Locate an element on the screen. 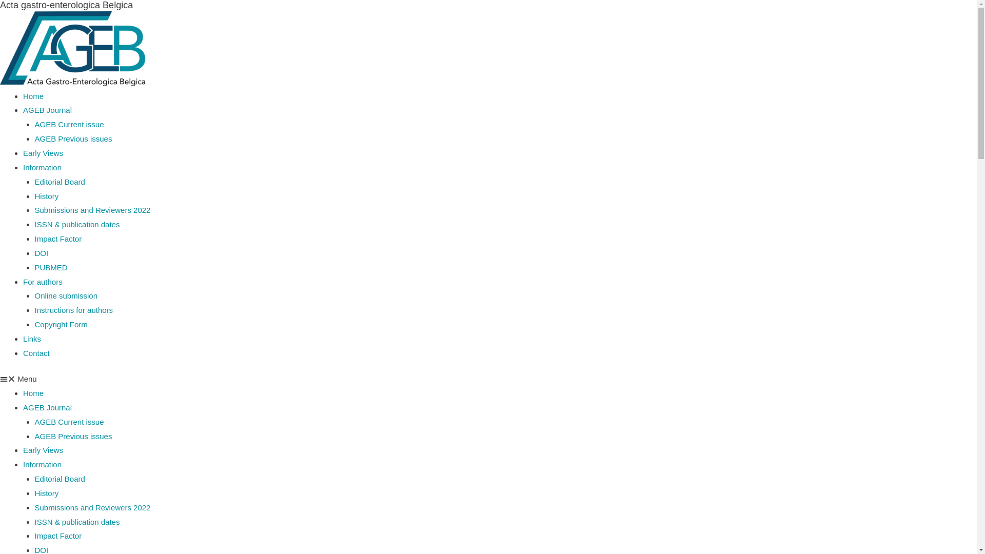  'Contact' is located at coordinates (23, 352).